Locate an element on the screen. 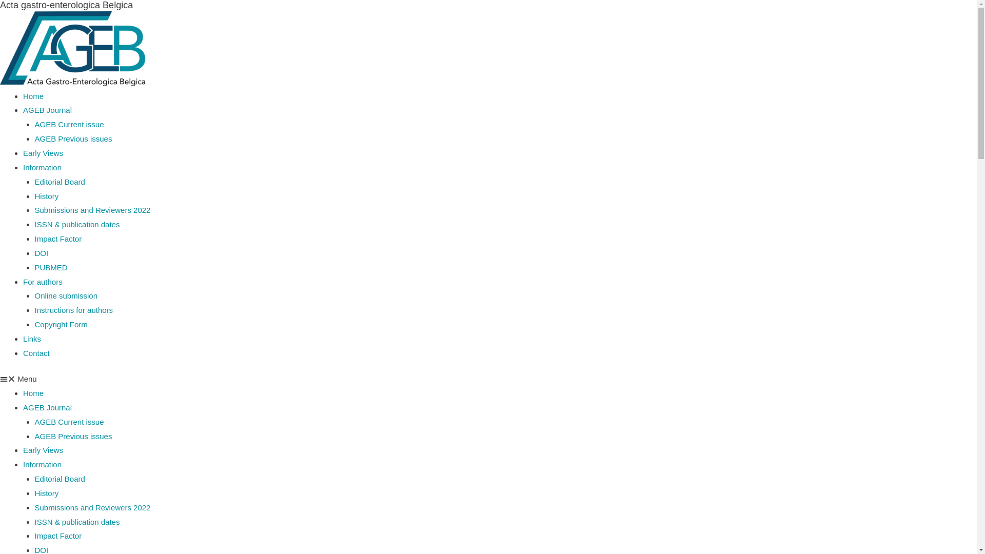  'Contact' is located at coordinates (23, 352).